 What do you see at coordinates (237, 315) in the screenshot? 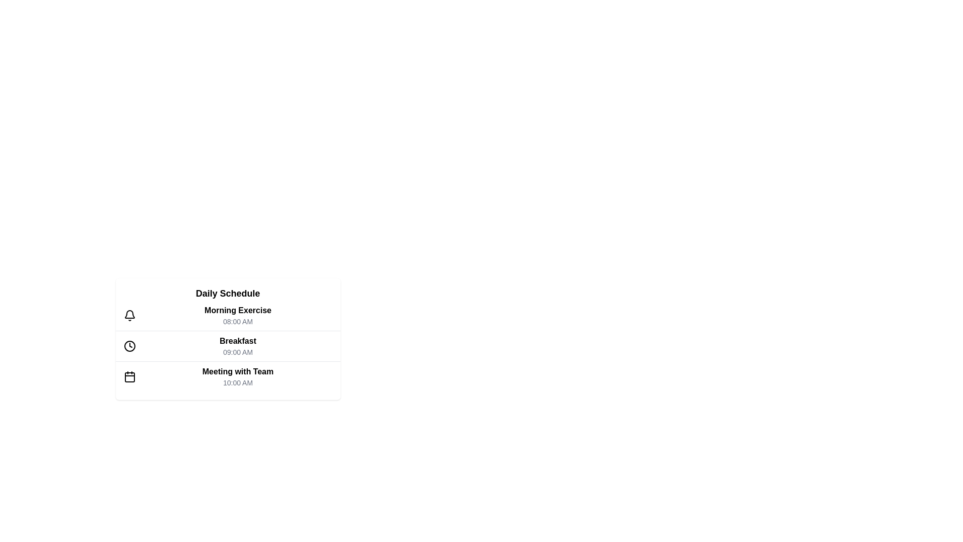
I see `the first list item in the daily schedule that describes the activity 'Morning Exercise' at '08:00 AM'` at bounding box center [237, 315].